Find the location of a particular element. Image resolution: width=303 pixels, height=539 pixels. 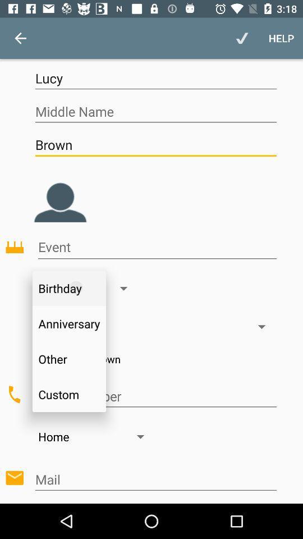

the avatar icon is located at coordinates (60, 194).